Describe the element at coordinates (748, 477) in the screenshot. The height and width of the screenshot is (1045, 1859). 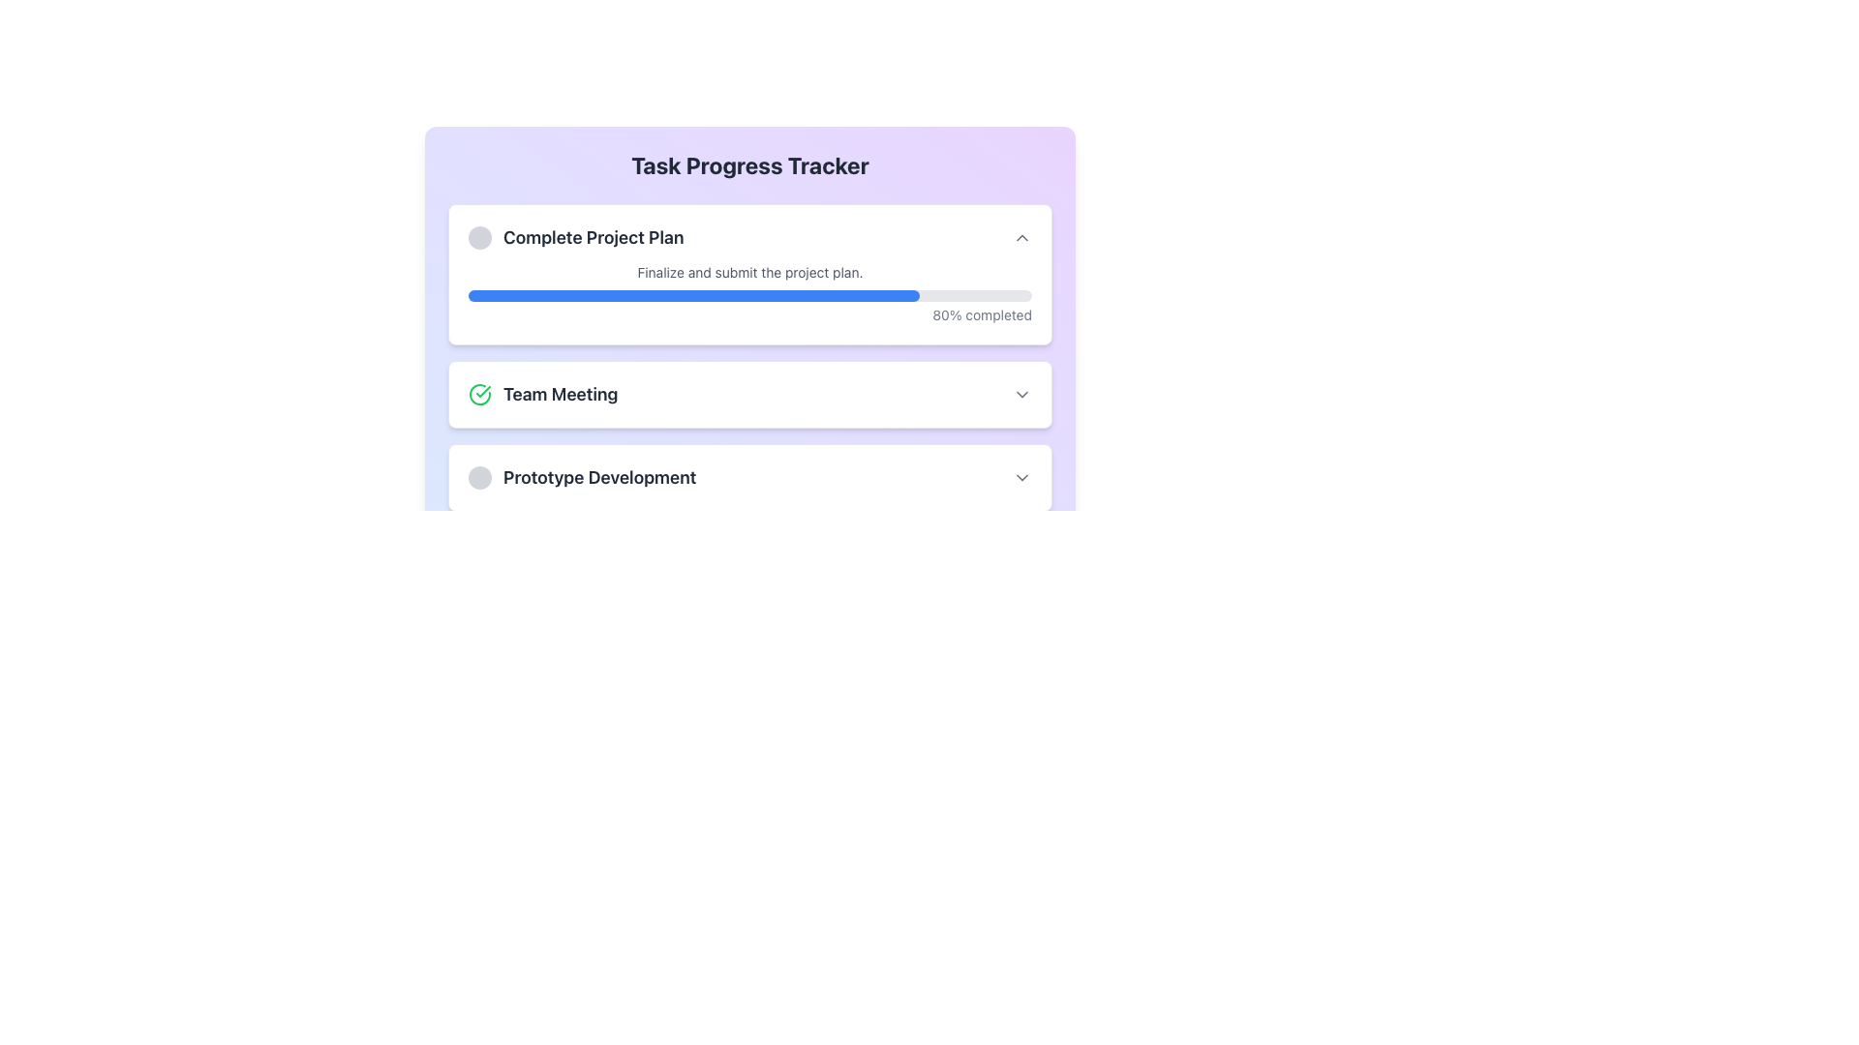
I see `the 'Prototype Development' task card located in the progress tracker interface, which is the third card in a vertical stack, positioned between the 'Team Meeting' card and the bottom margin` at that location.